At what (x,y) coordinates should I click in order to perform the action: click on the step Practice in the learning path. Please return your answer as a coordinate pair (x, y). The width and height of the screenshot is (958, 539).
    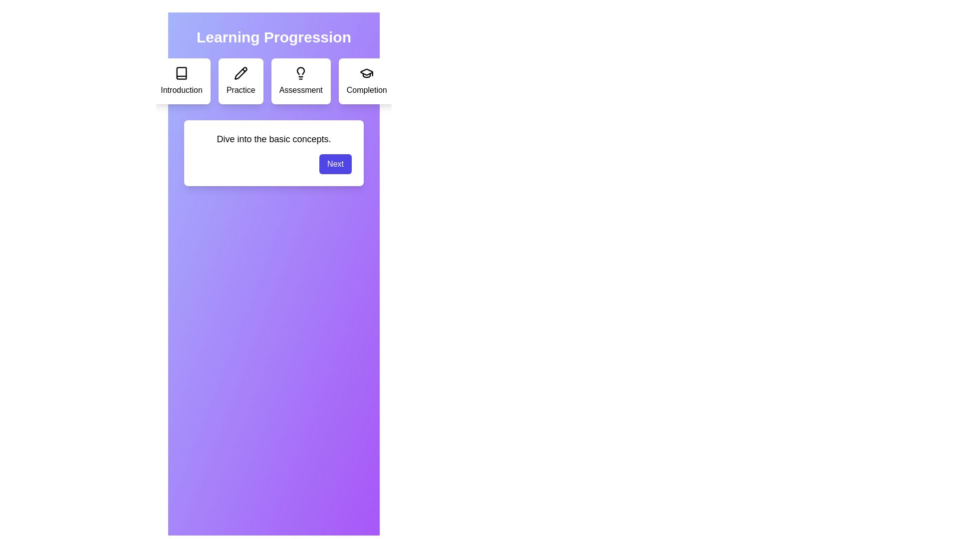
    Looking at the image, I should click on (240, 80).